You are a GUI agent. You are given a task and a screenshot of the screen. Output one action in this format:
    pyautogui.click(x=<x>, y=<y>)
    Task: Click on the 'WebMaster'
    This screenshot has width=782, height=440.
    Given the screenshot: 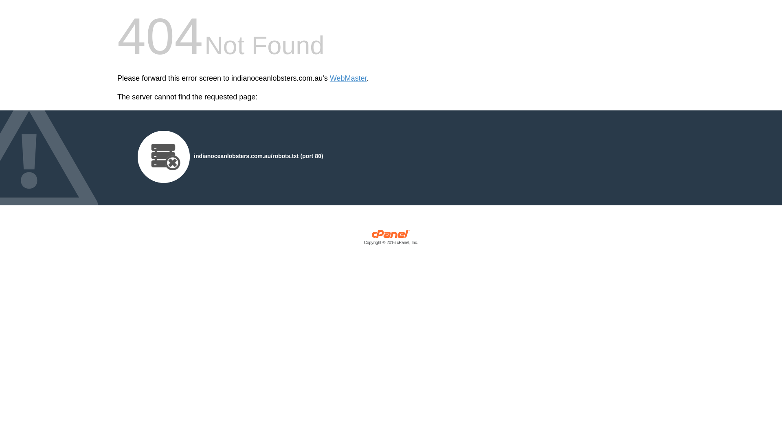 What is the action you would take?
    pyautogui.click(x=348, y=78)
    